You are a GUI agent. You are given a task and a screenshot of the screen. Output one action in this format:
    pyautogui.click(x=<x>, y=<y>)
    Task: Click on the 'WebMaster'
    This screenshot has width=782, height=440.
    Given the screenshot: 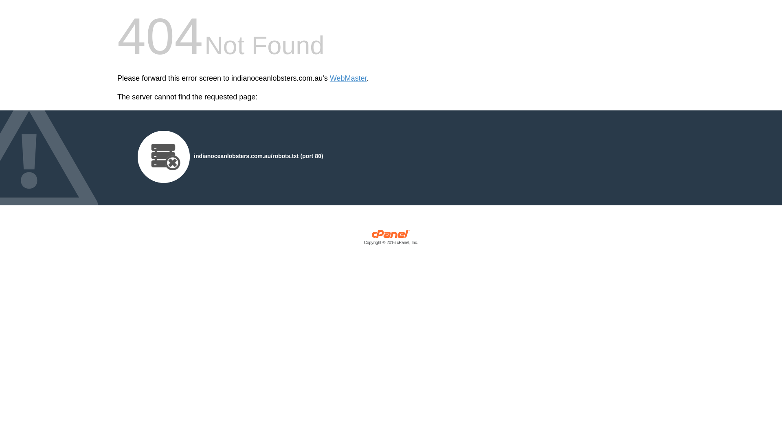 What is the action you would take?
    pyautogui.click(x=348, y=78)
    